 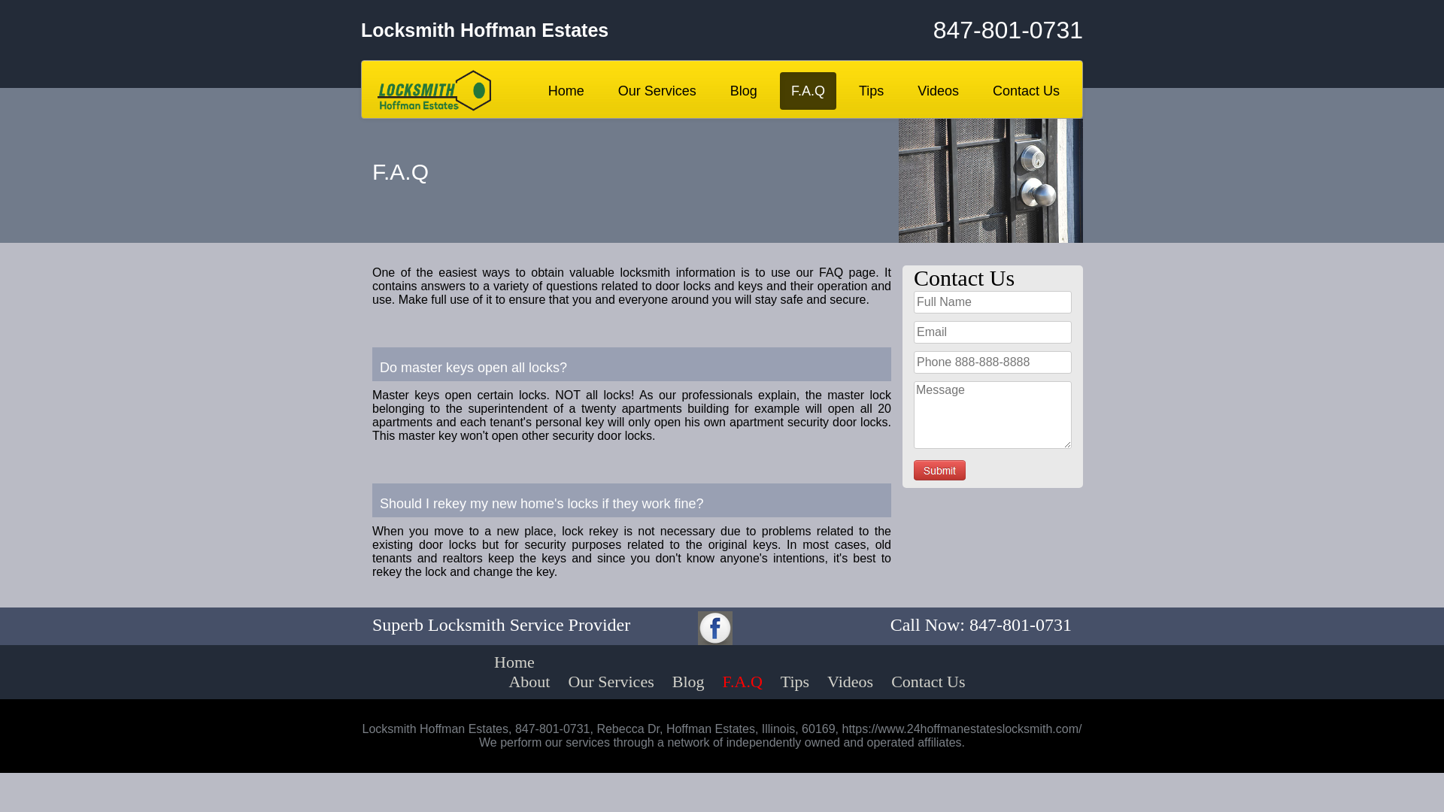 What do you see at coordinates (717, 90) in the screenshot?
I see `'Blog'` at bounding box center [717, 90].